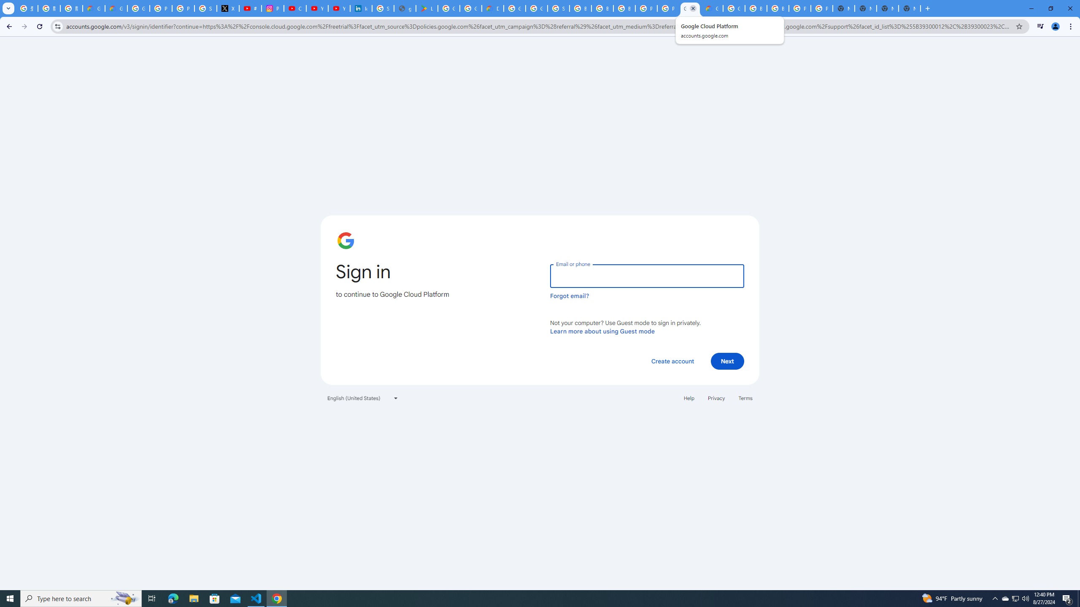  Describe the element at coordinates (363, 397) in the screenshot. I see `'English (United States)'` at that location.